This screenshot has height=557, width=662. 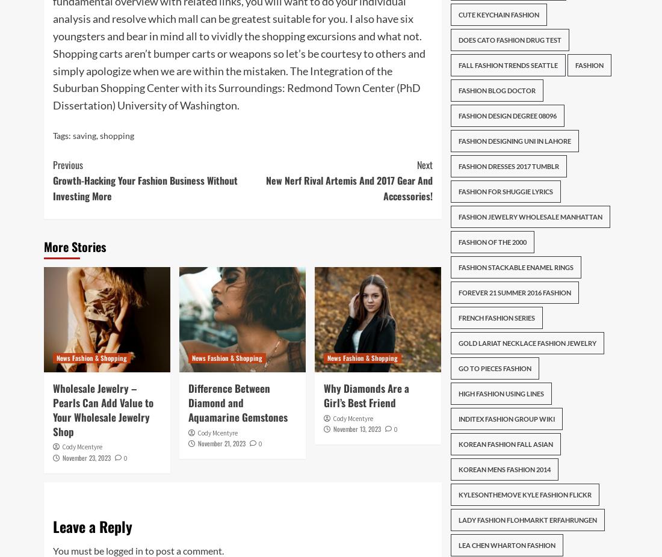 What do you see at coordinates (356, 429) in the screenshot?
I see `'November 13, 2023'` at bounding box center [356, 429].